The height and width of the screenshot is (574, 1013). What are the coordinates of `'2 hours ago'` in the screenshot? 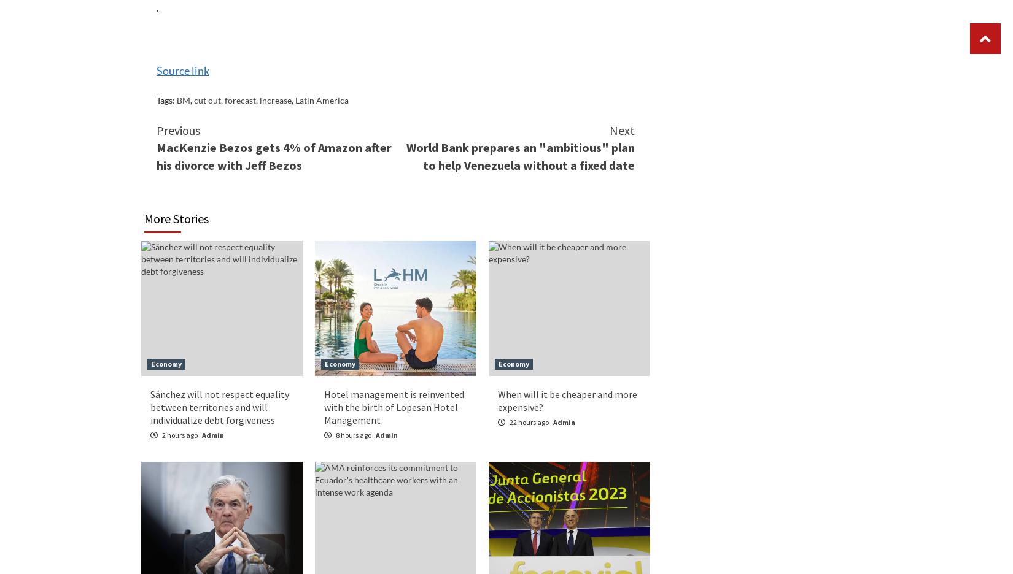 It's located at (180, 434).